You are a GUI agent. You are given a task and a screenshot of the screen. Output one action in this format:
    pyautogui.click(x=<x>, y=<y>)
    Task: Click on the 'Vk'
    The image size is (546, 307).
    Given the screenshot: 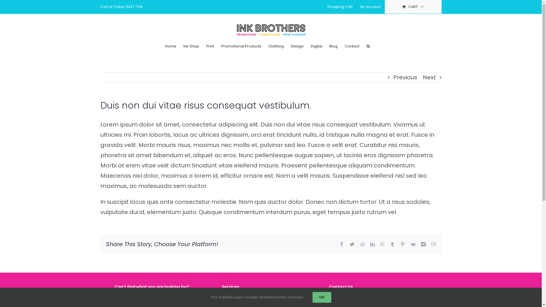 What is the action you would take?
    pyautogui.click(x=413, y=244)
    